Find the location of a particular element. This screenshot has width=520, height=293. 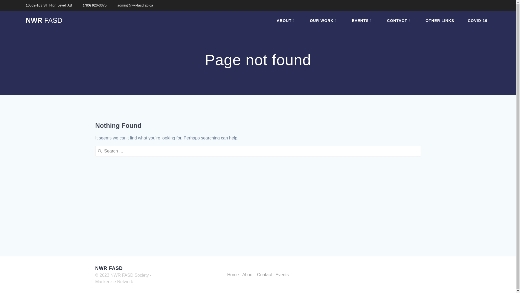

'CONTACT' is located at coordinates (399, 20).